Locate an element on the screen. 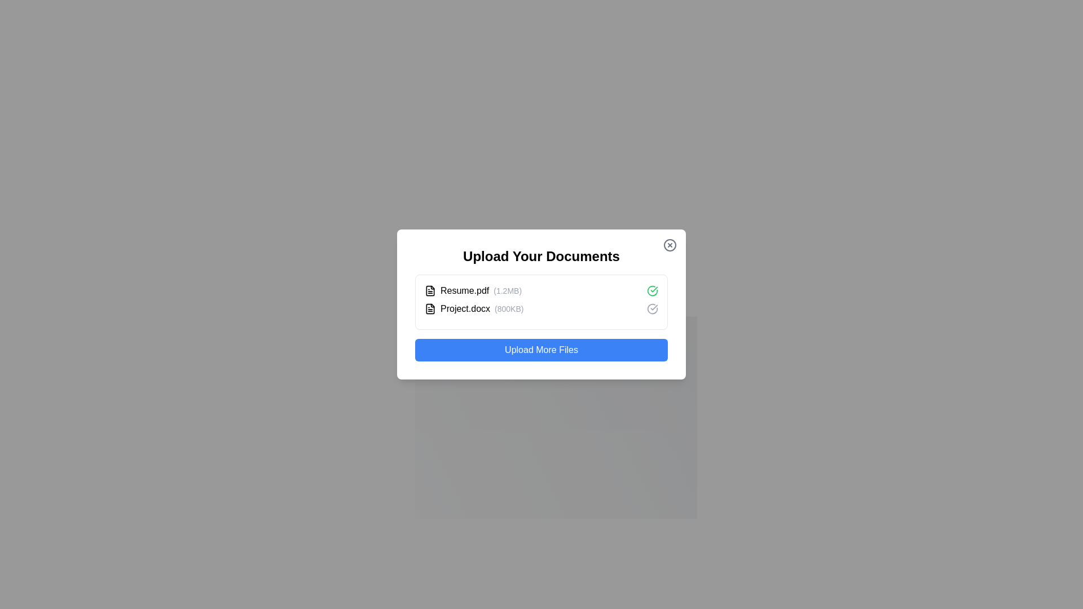  to select the file name of the first uploaded document in the file list, which is located in the top-left region of the modal pop-up is located at coordinates (473, 290).